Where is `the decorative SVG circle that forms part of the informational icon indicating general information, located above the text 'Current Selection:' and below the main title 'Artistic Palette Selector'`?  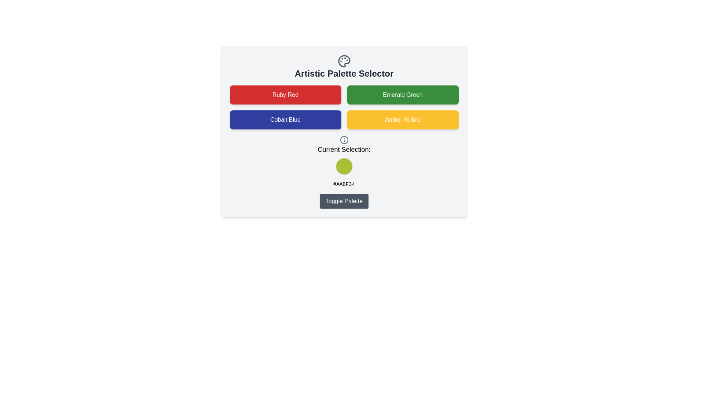 the decorative SVG circle that forms part of the informational icon indicating general information, located above the text 'Current Selection:' and below the main title 'Artistic Palette Selector' is located at coordinates (344, 140).